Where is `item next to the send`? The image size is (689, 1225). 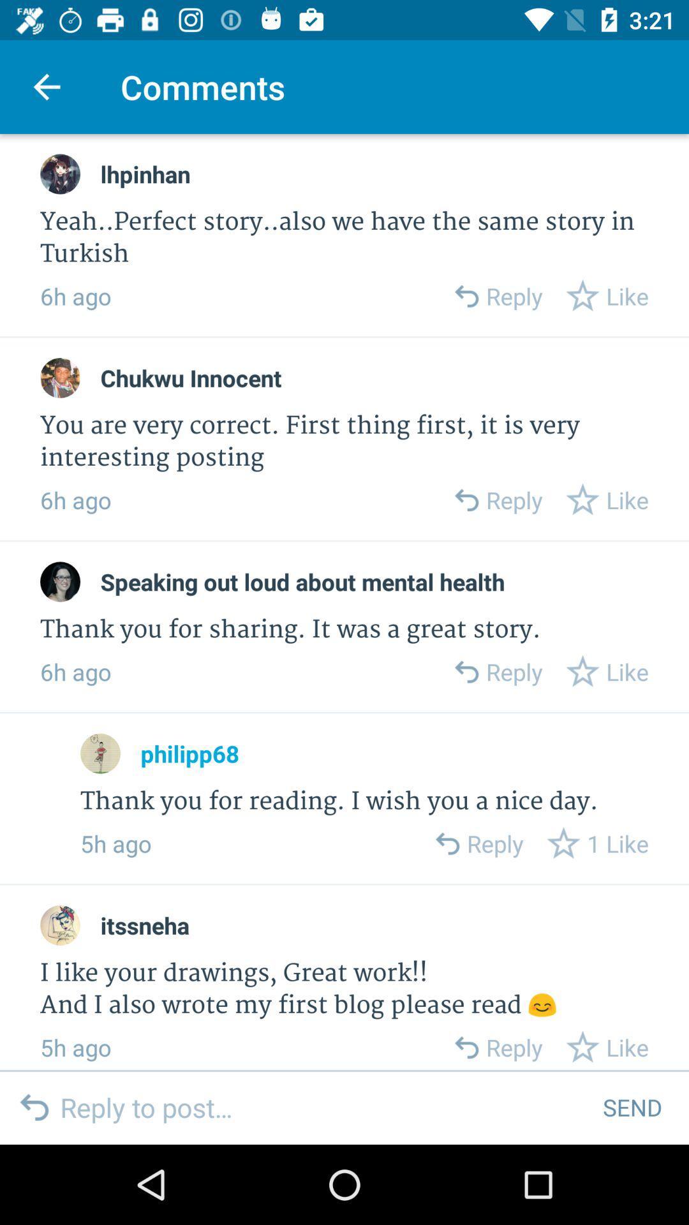 item next to the send is located at coordinates (321, 1106).